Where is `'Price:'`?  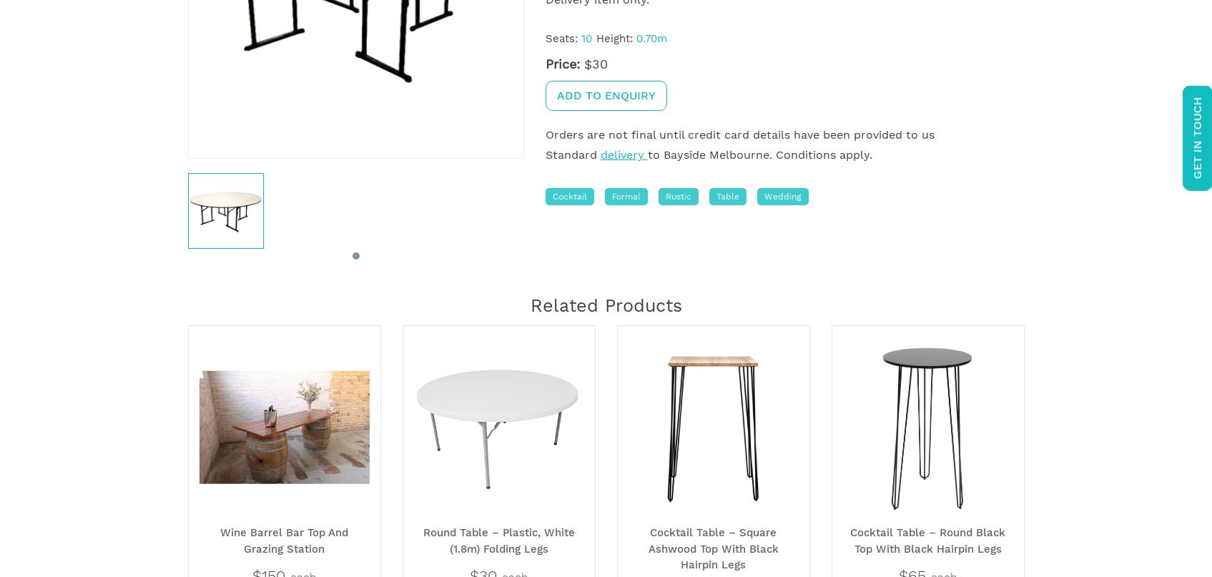
'Price:' is located at coordinates (561, 63).